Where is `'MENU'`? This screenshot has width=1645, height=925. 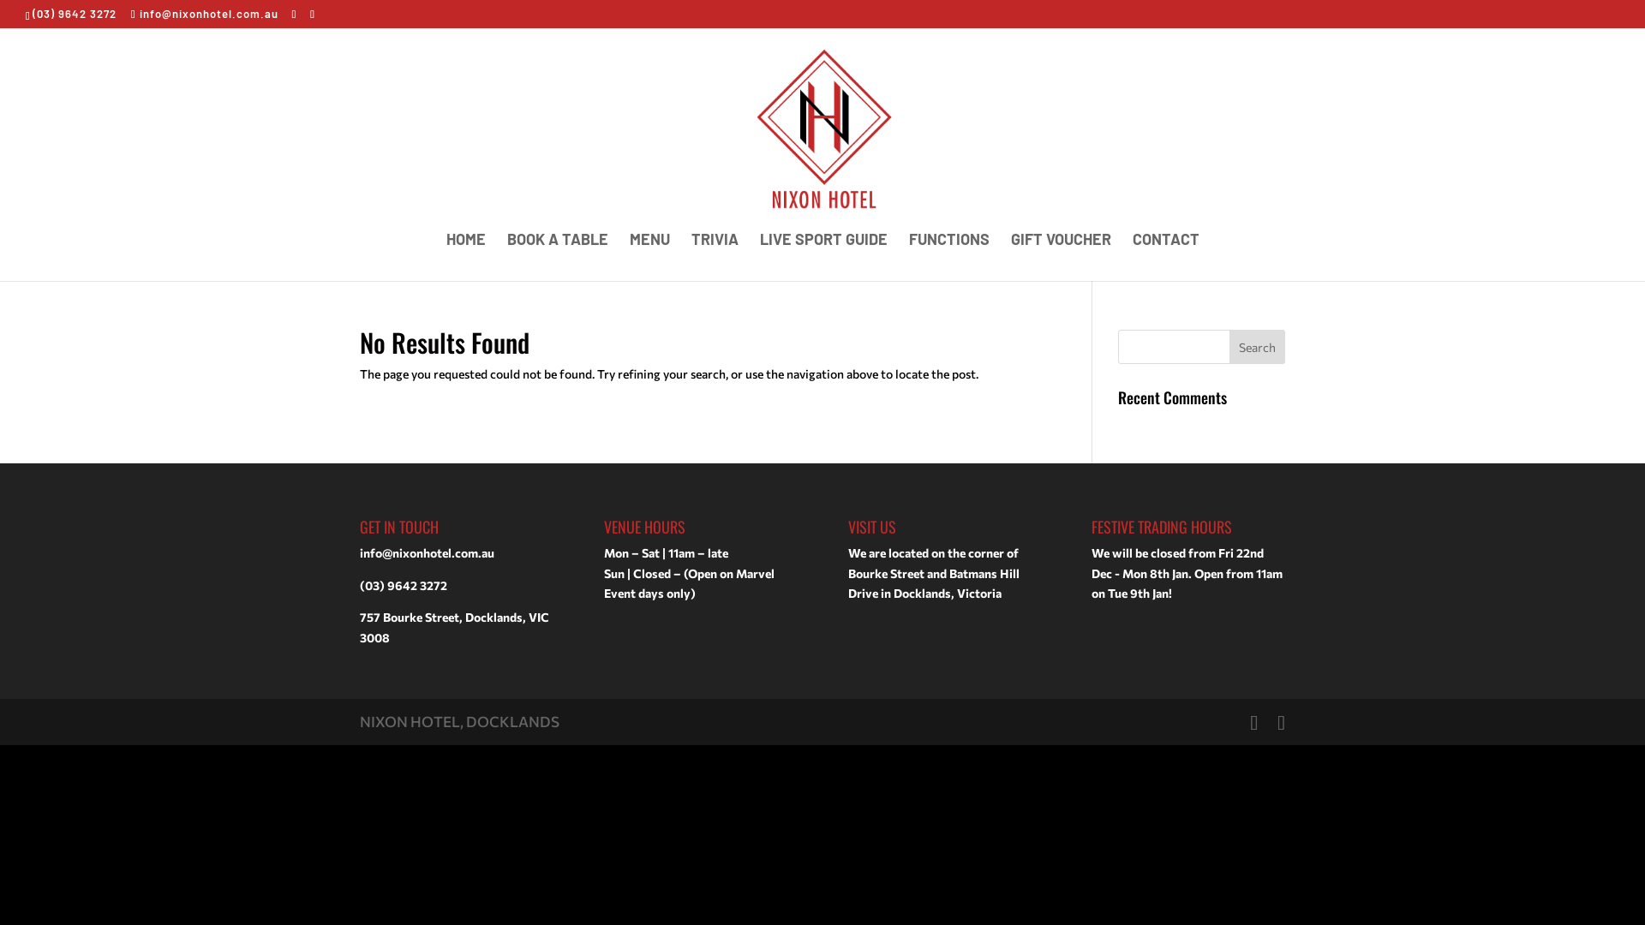
'MENU' is located at coordinates (648, 257).